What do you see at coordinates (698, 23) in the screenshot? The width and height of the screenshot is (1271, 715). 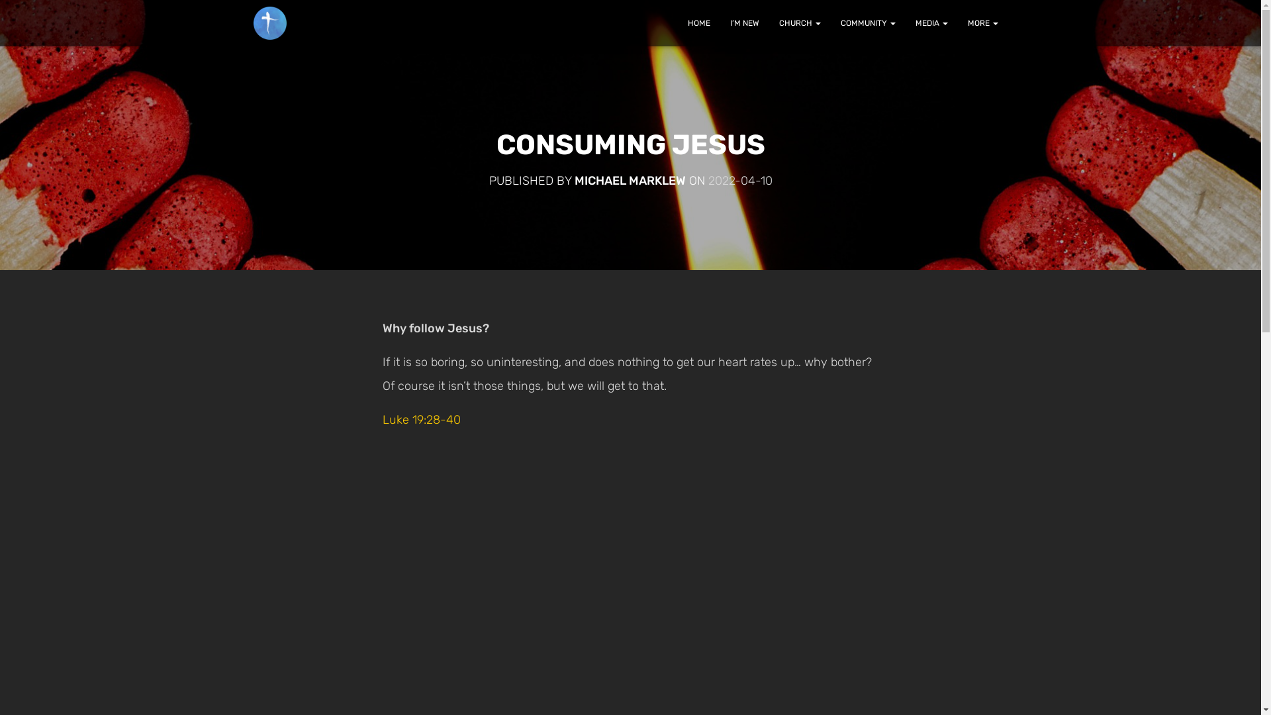 I see `'HOME'` at bounding box center [698, 23].